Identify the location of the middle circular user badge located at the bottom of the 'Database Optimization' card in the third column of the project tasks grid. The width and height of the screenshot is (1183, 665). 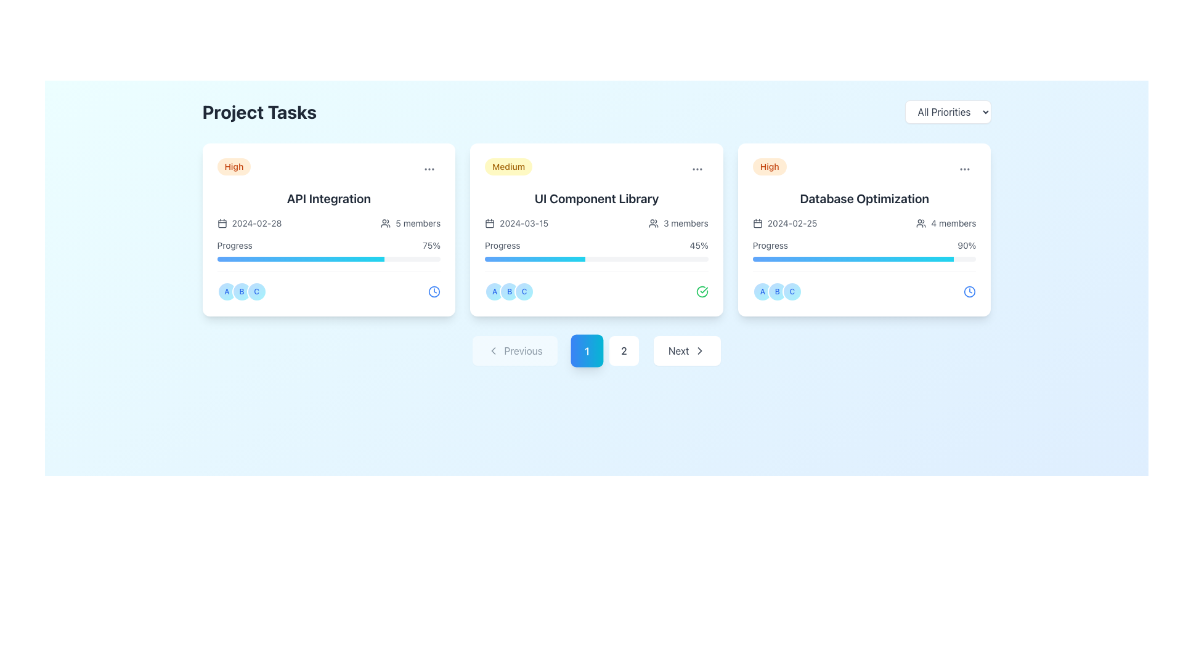
(776, 292).